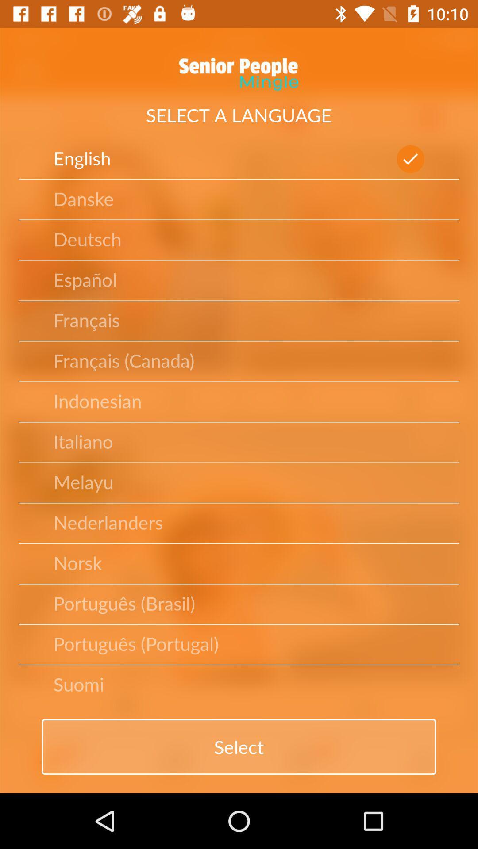 The width and height of the screenshot is (478, 849). I want to click on select, so click(239, 746).